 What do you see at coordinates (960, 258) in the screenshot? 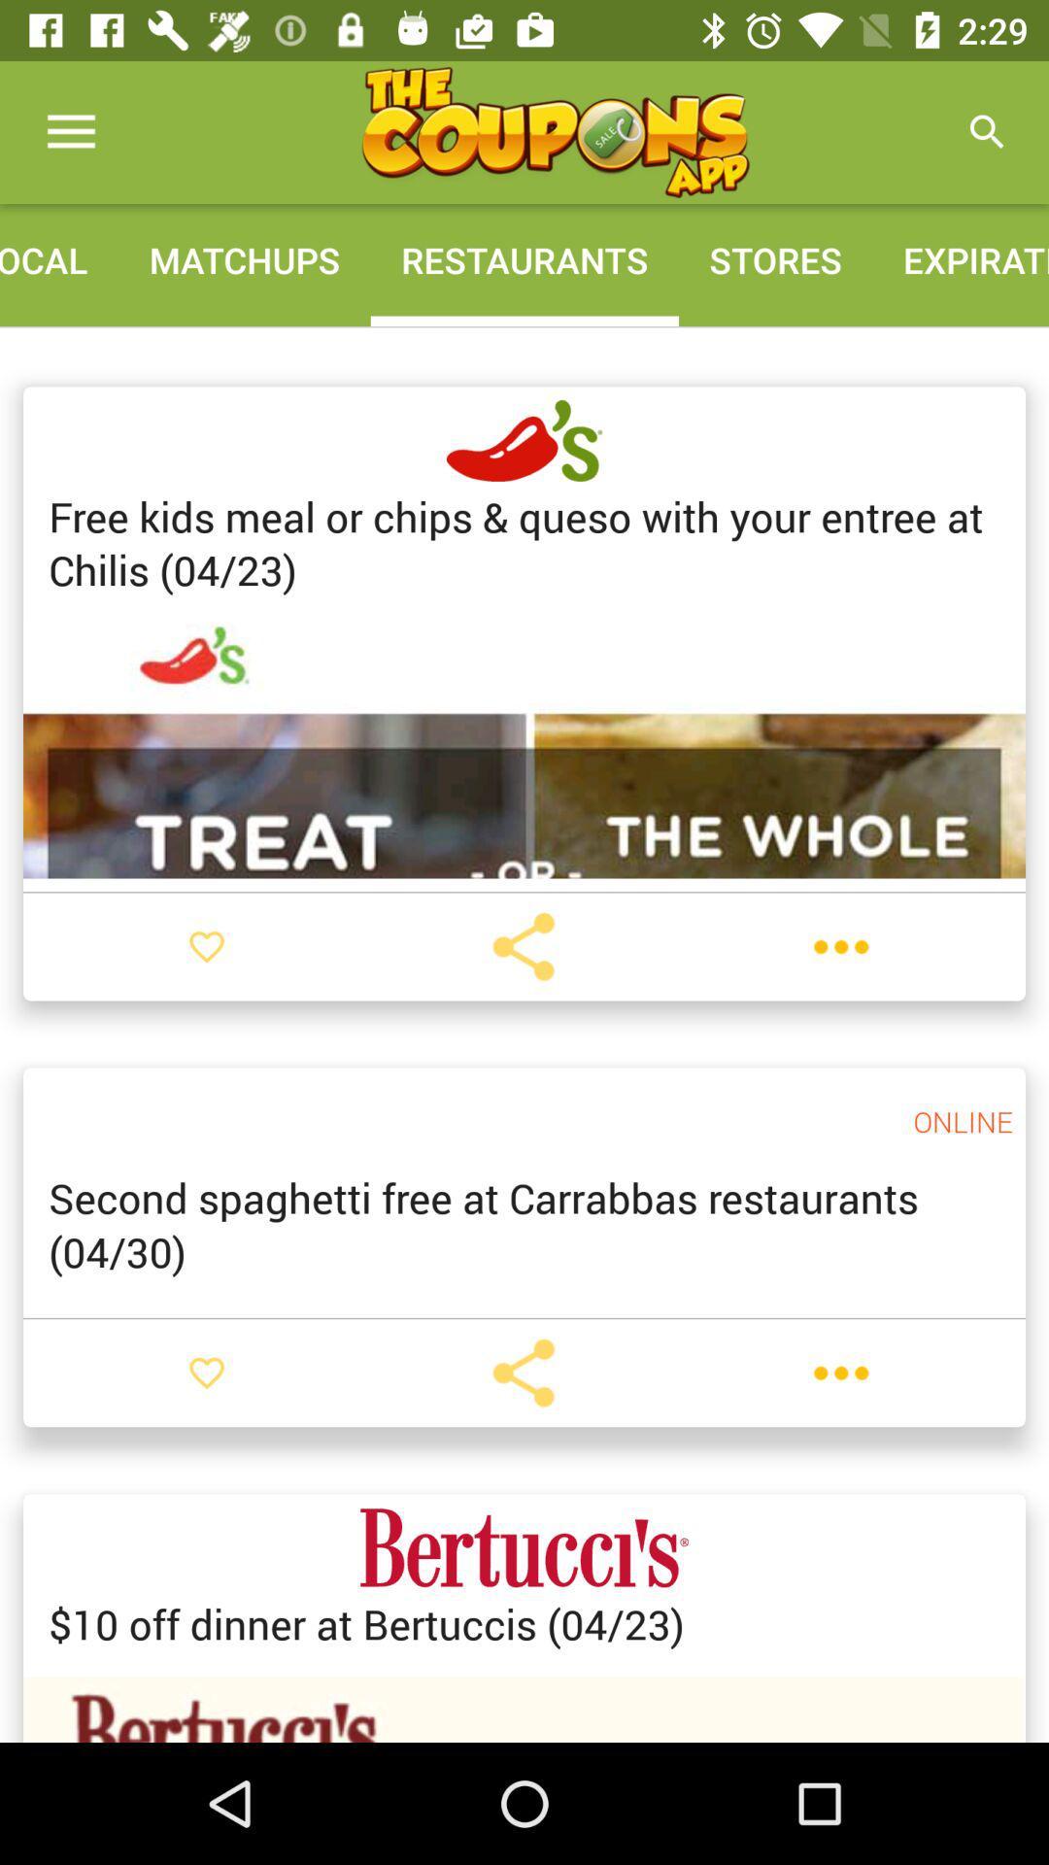
I see `the icon next to stores icon` at bounding box center [960, 258].